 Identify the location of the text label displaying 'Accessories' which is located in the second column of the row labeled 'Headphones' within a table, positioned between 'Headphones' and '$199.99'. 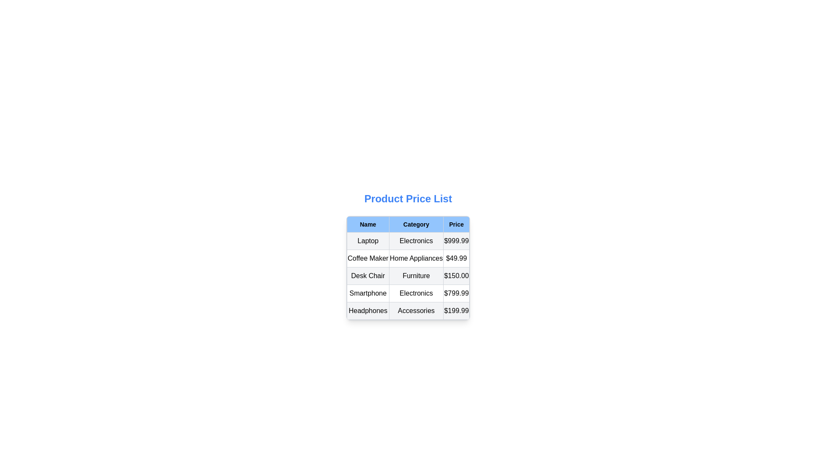
(416, 310).